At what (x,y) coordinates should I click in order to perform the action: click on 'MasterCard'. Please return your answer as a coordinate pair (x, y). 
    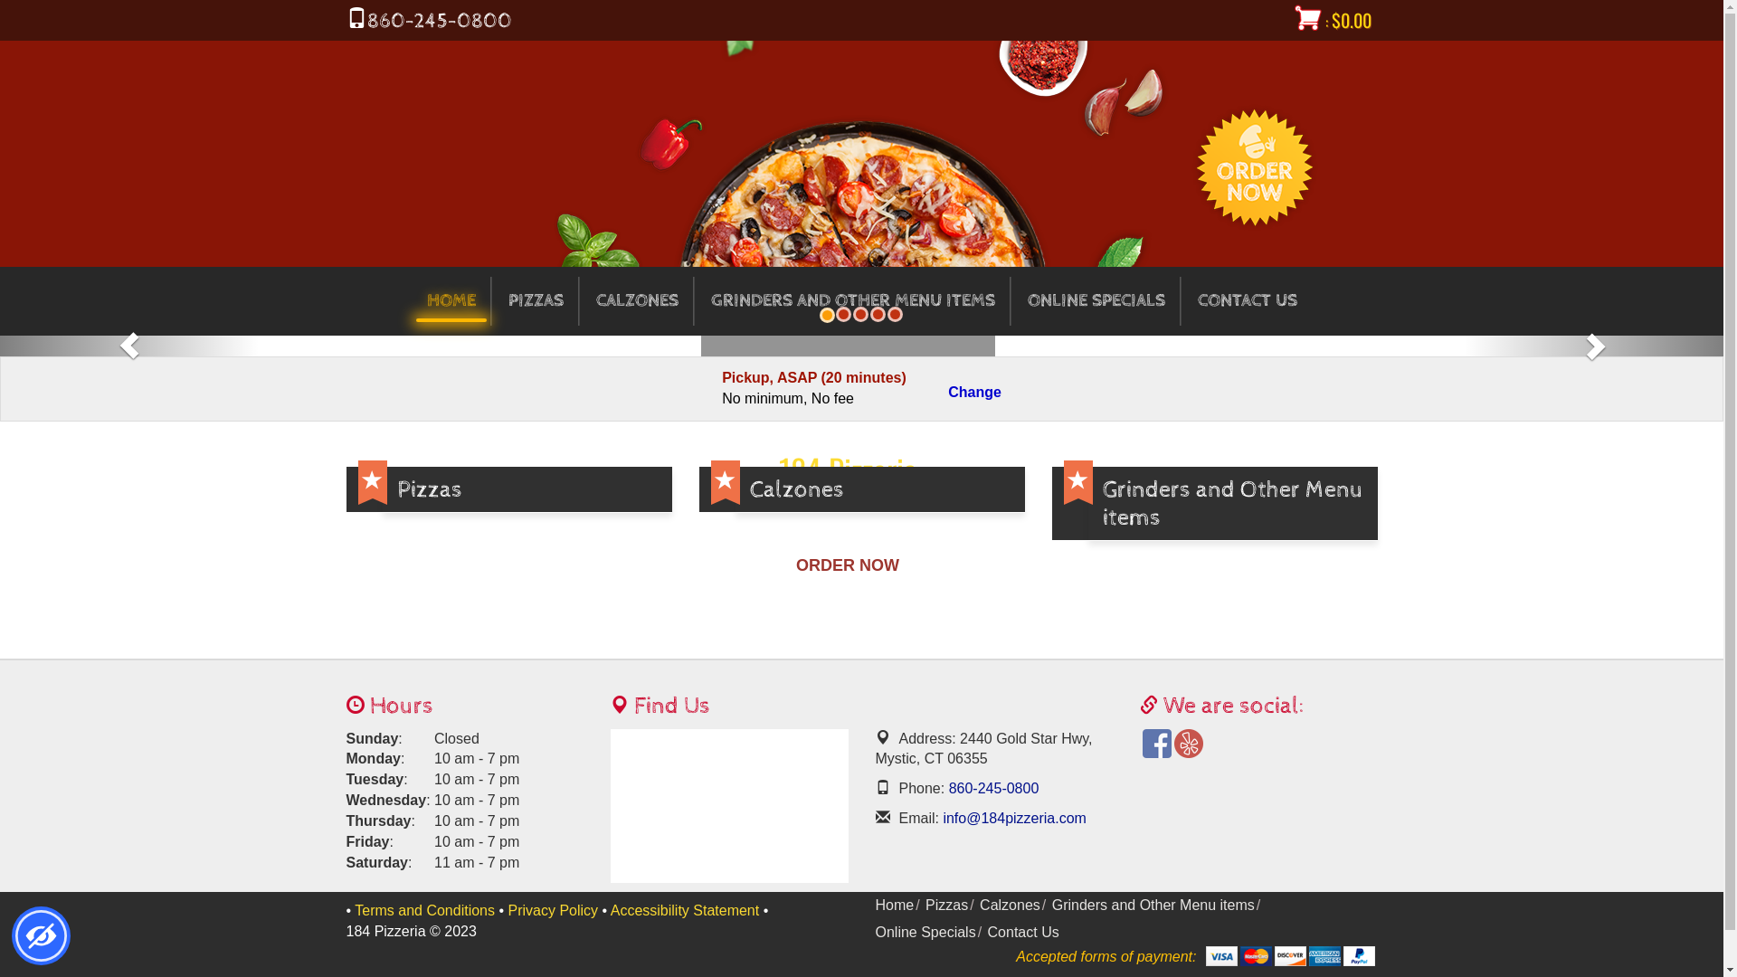
    Looking at the image, I should click on (1238, 954).